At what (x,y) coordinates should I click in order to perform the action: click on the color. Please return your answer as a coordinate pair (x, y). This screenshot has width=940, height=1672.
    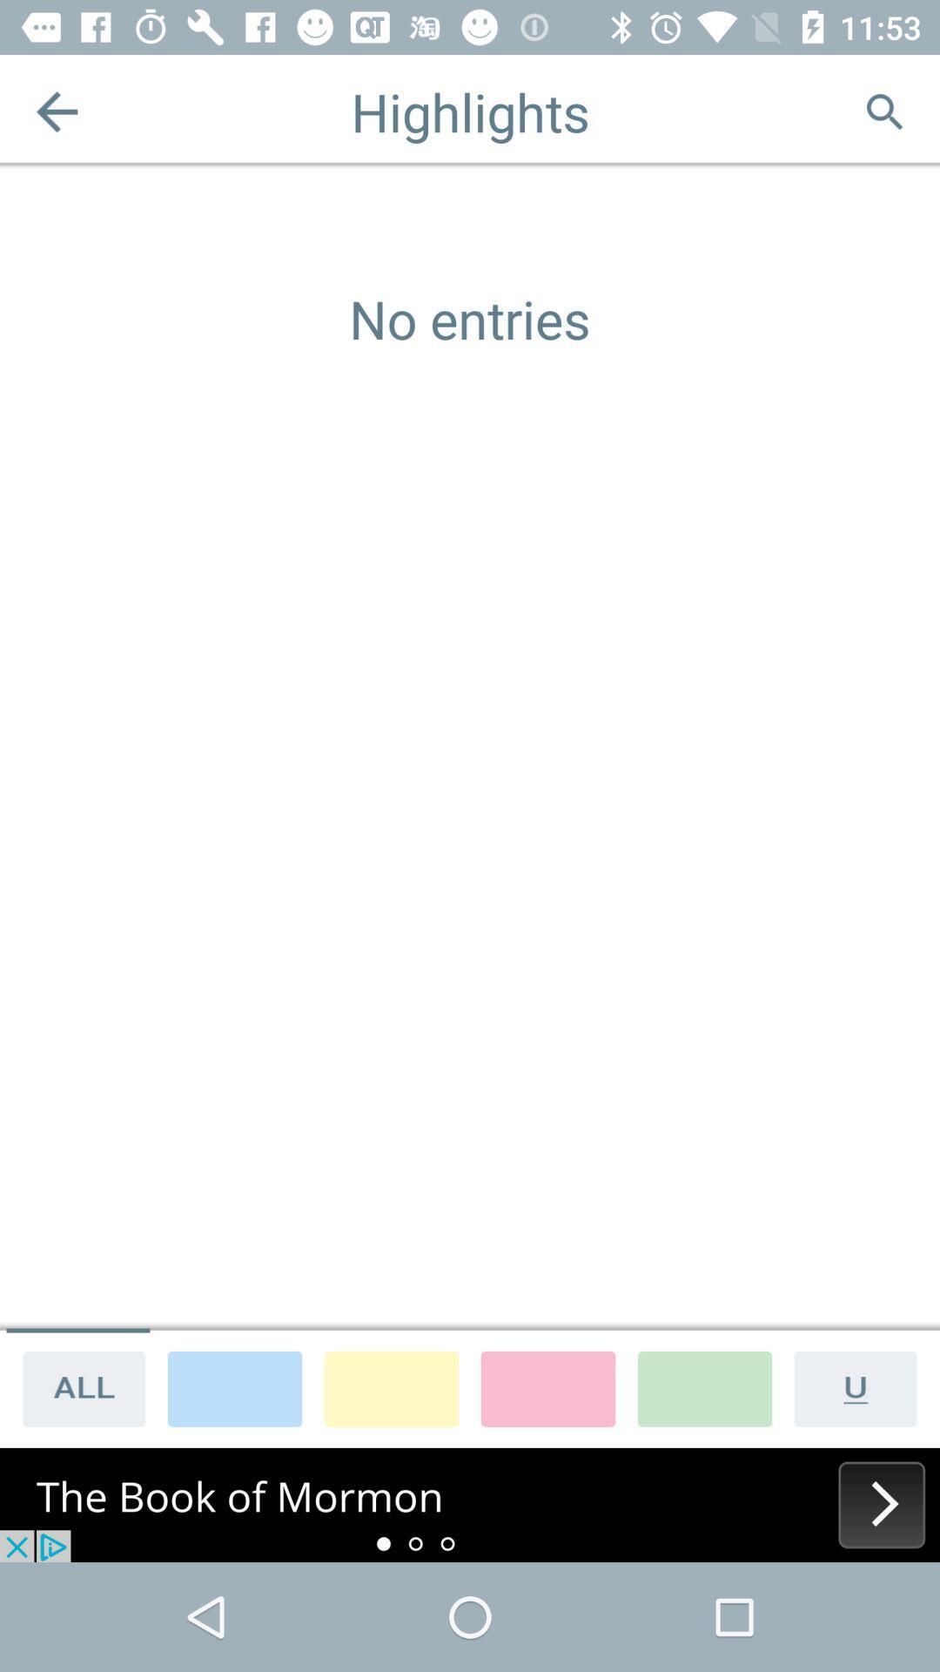
    Looking at the image, I should click on (547, 1387).